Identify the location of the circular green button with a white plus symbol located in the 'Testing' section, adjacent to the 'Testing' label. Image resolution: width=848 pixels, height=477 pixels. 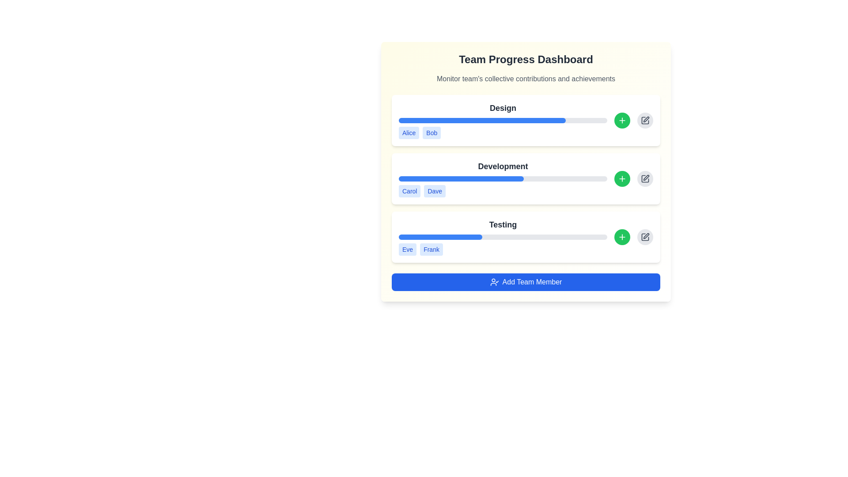
(622, 236).